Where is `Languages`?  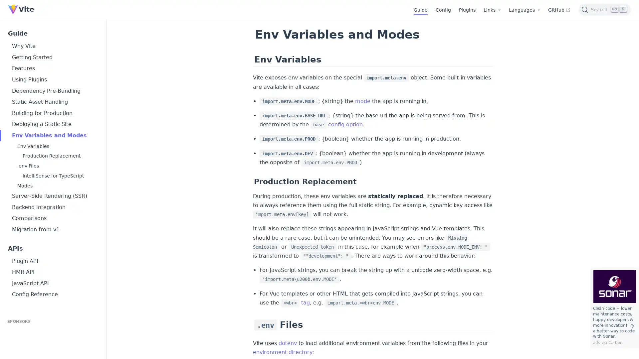 Languages is located at coordinates (524, 10).